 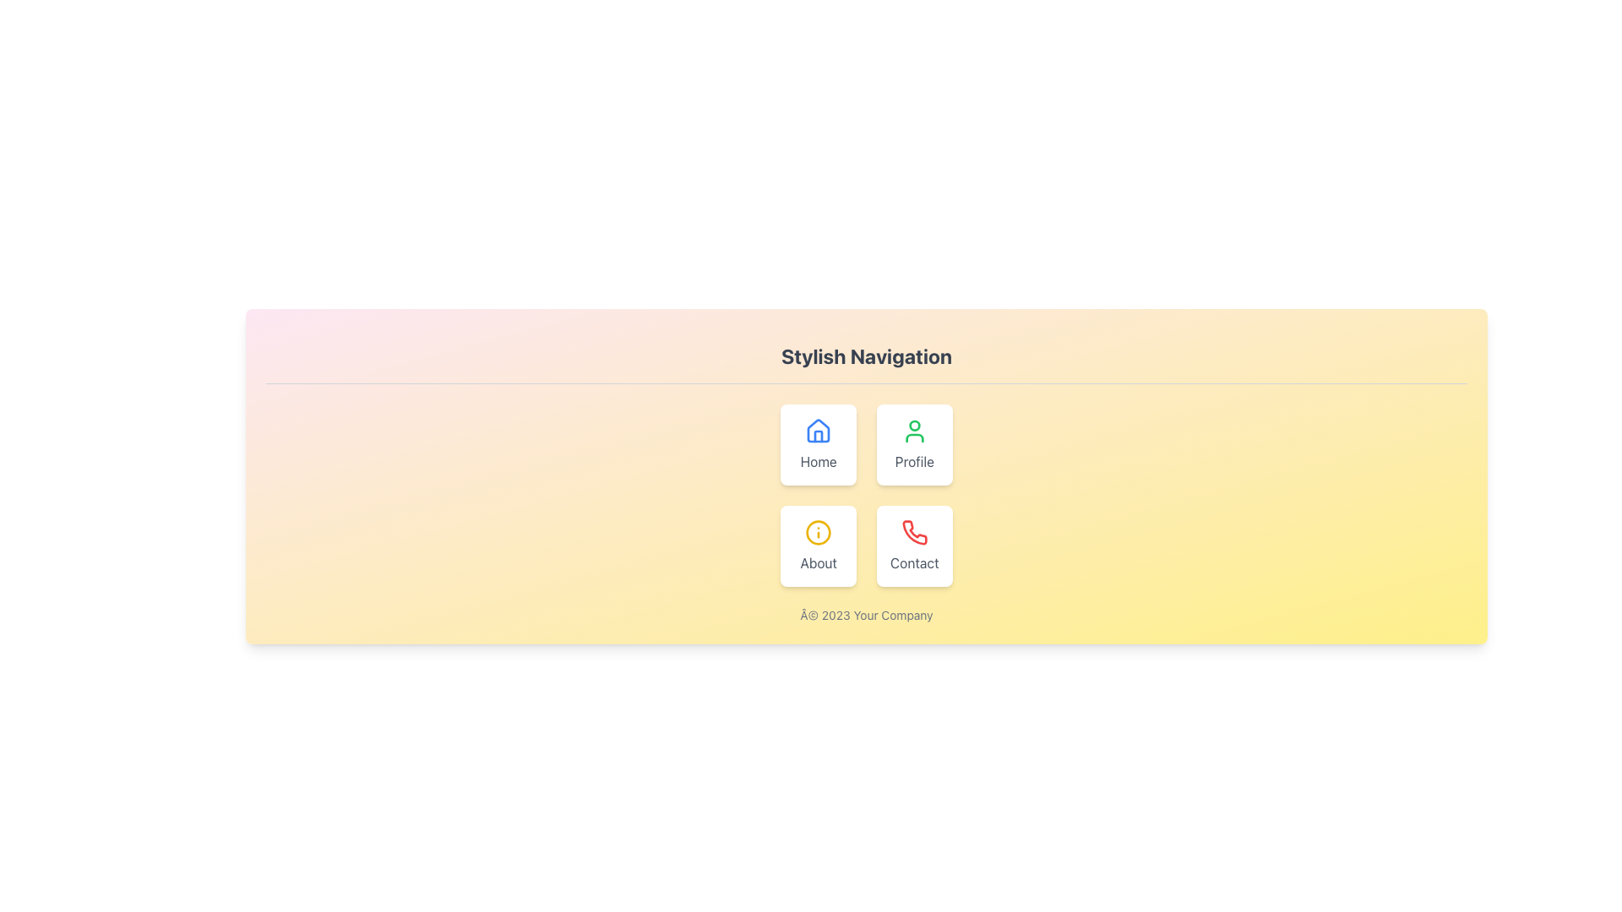 What do you see at coordinates (819, 546) in the screenshot?
I see `the bottom-left navigational button in the grid` at bounding box center [819, 546].